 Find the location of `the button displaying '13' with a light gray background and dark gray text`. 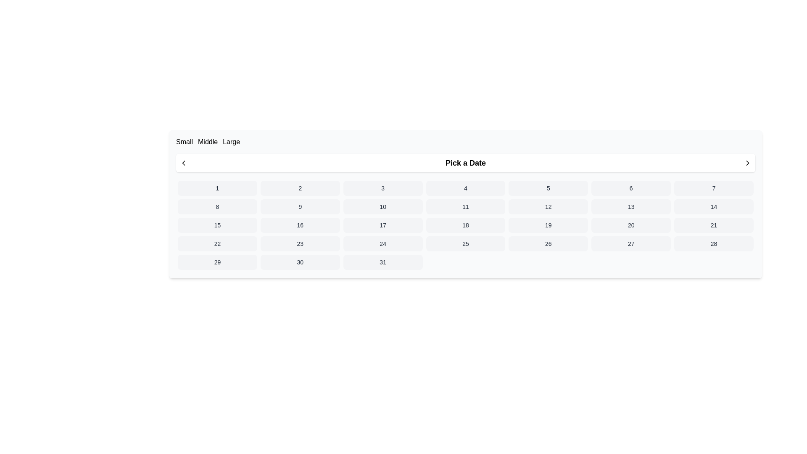

the button displaying '13' with a light gray background and dark gray text is located at coordinates (631, 207).